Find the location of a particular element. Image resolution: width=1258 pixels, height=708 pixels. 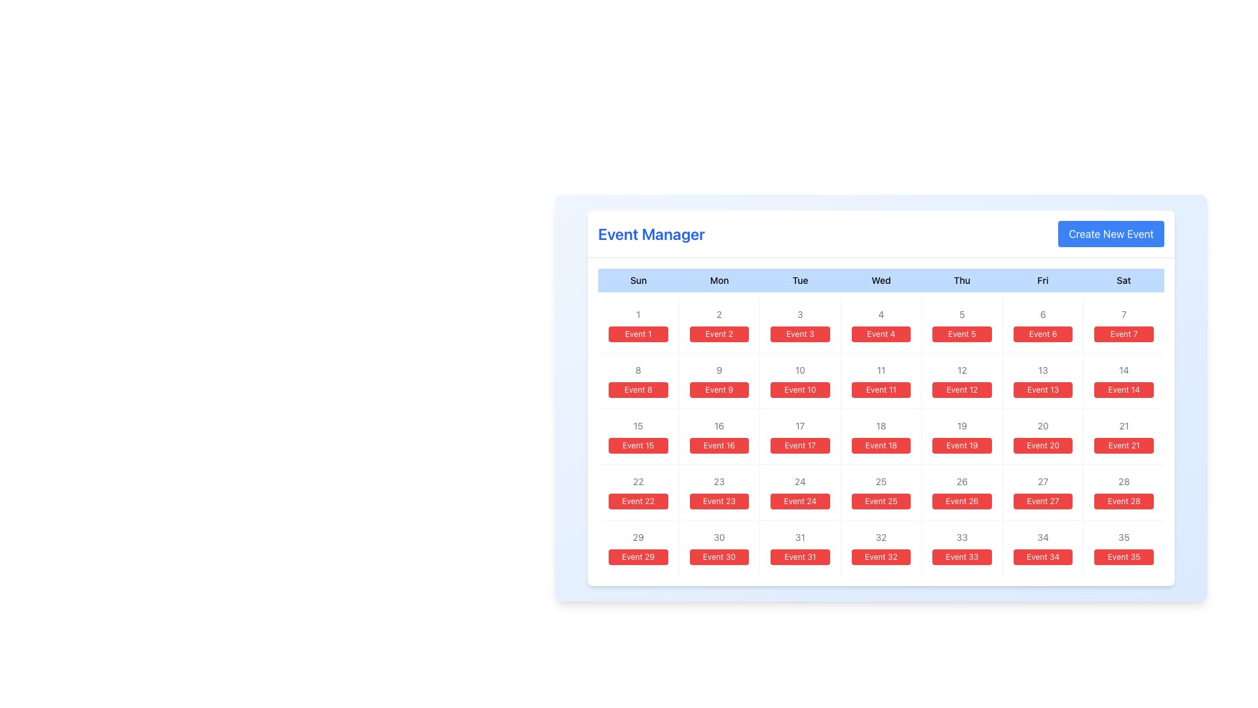

on the numerical text label '15' styled in a small, gray font, located above the red button labeled 'Event 15' within the calendar-like grid is located at coordinates (638, 426).